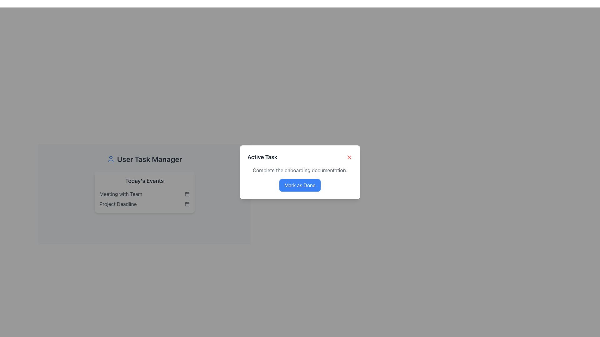 This screenshot has height=337, width=600. I want to click on text element displaying 'Project Deadline' located in the 'Today's Events' section, aligned to the left, so click(118, 204).